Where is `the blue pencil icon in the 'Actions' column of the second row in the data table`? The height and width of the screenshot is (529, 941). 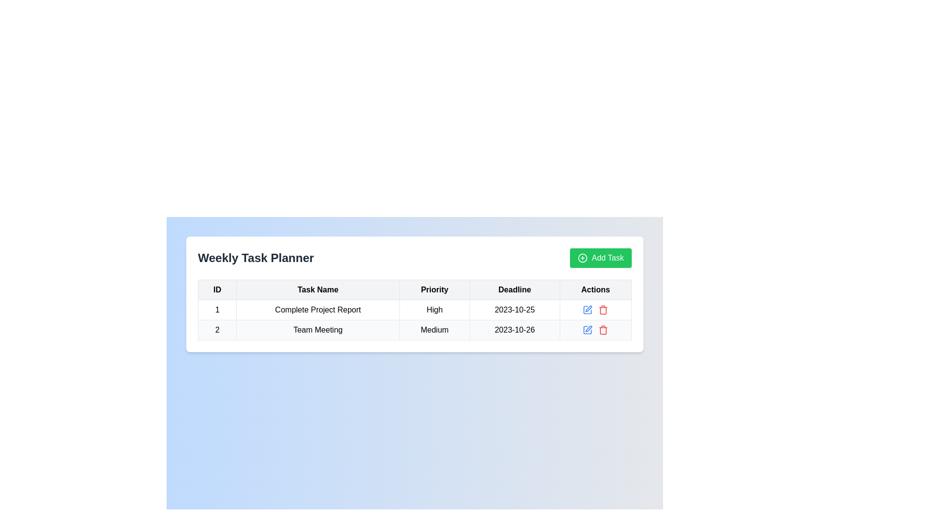 the blue pencil icon in the 'Actions' column of the second row in the data table is located at coordinates (588, 310).